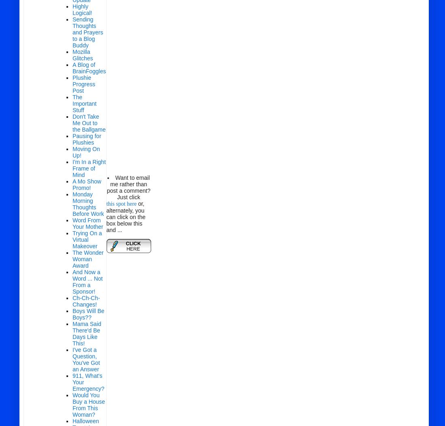 The image size is (445, 426). What do you see at coordinates (89, 68) in the screenshot?
I see `'A Blog of BrainFoggles'` at bounding box center [89, 68].